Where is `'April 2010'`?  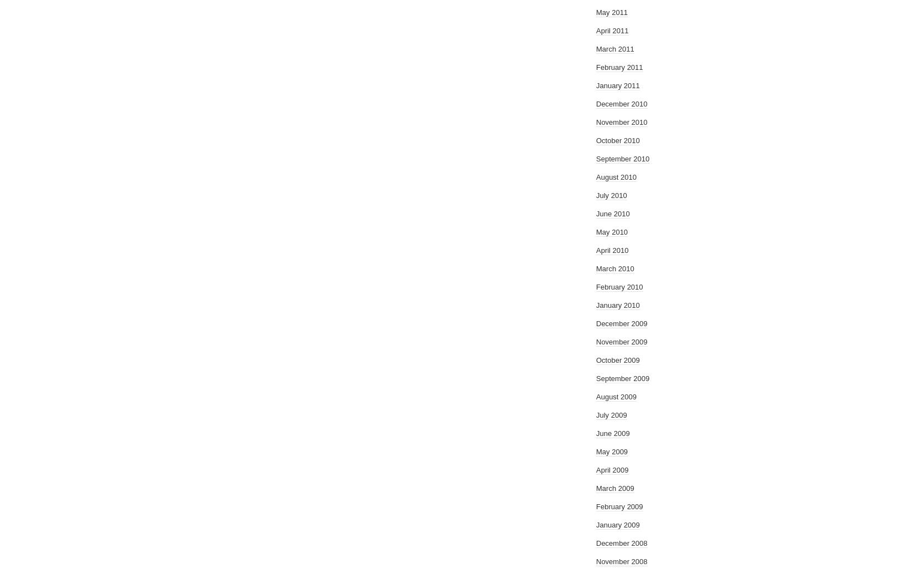 'April 2010' is located at coordinates (612, 250).